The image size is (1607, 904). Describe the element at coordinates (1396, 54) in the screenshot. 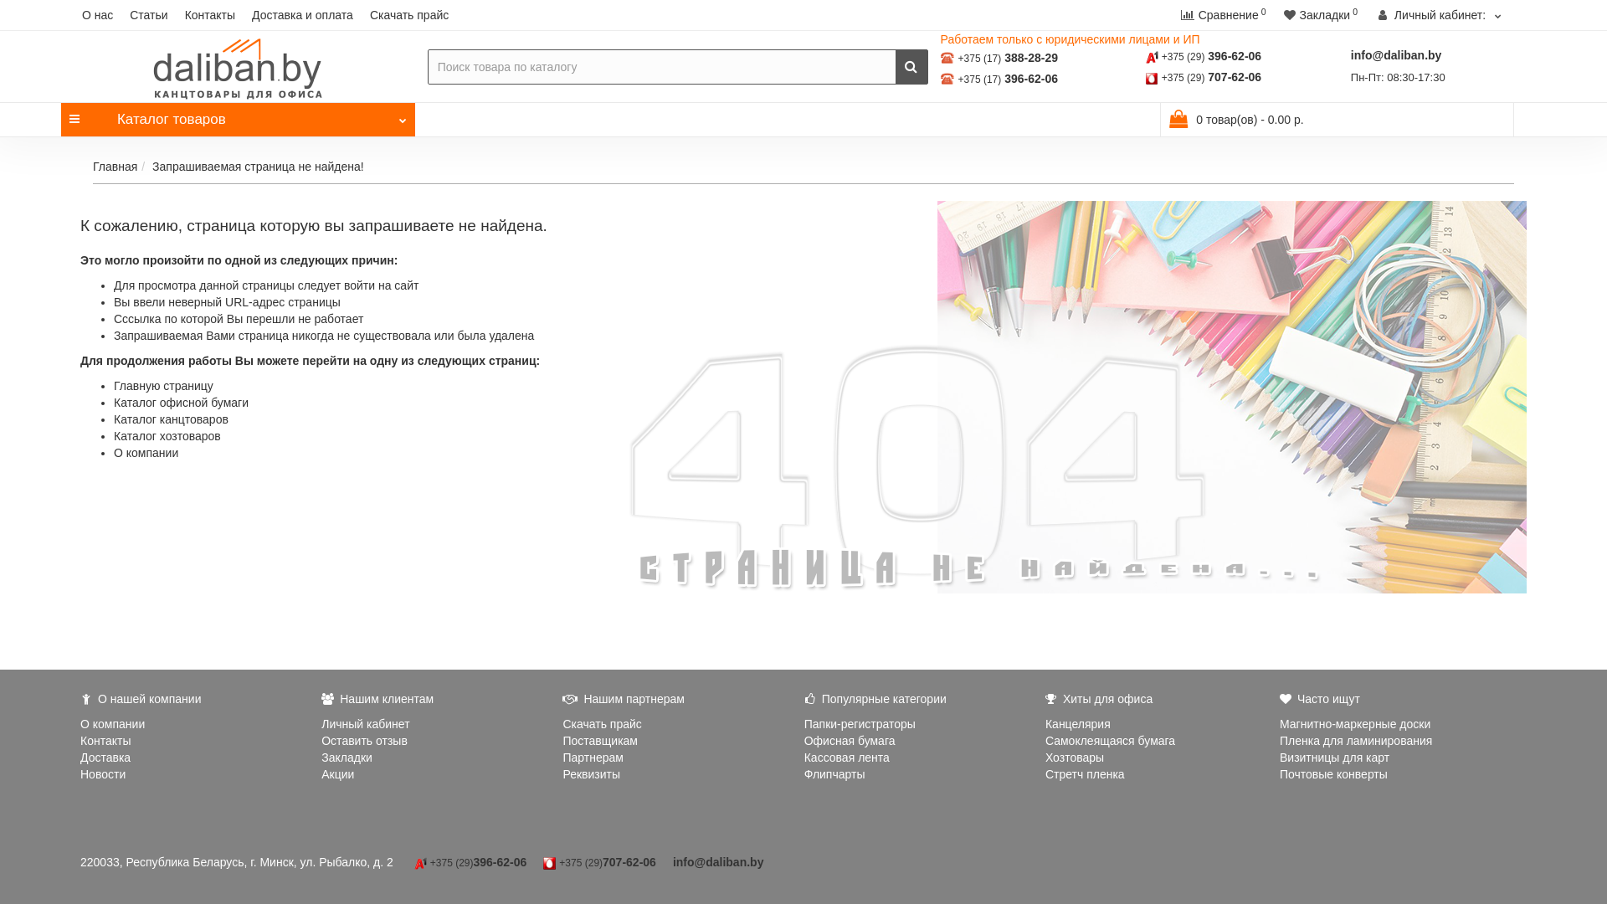

I see `'info@daliban.by'` at that location.